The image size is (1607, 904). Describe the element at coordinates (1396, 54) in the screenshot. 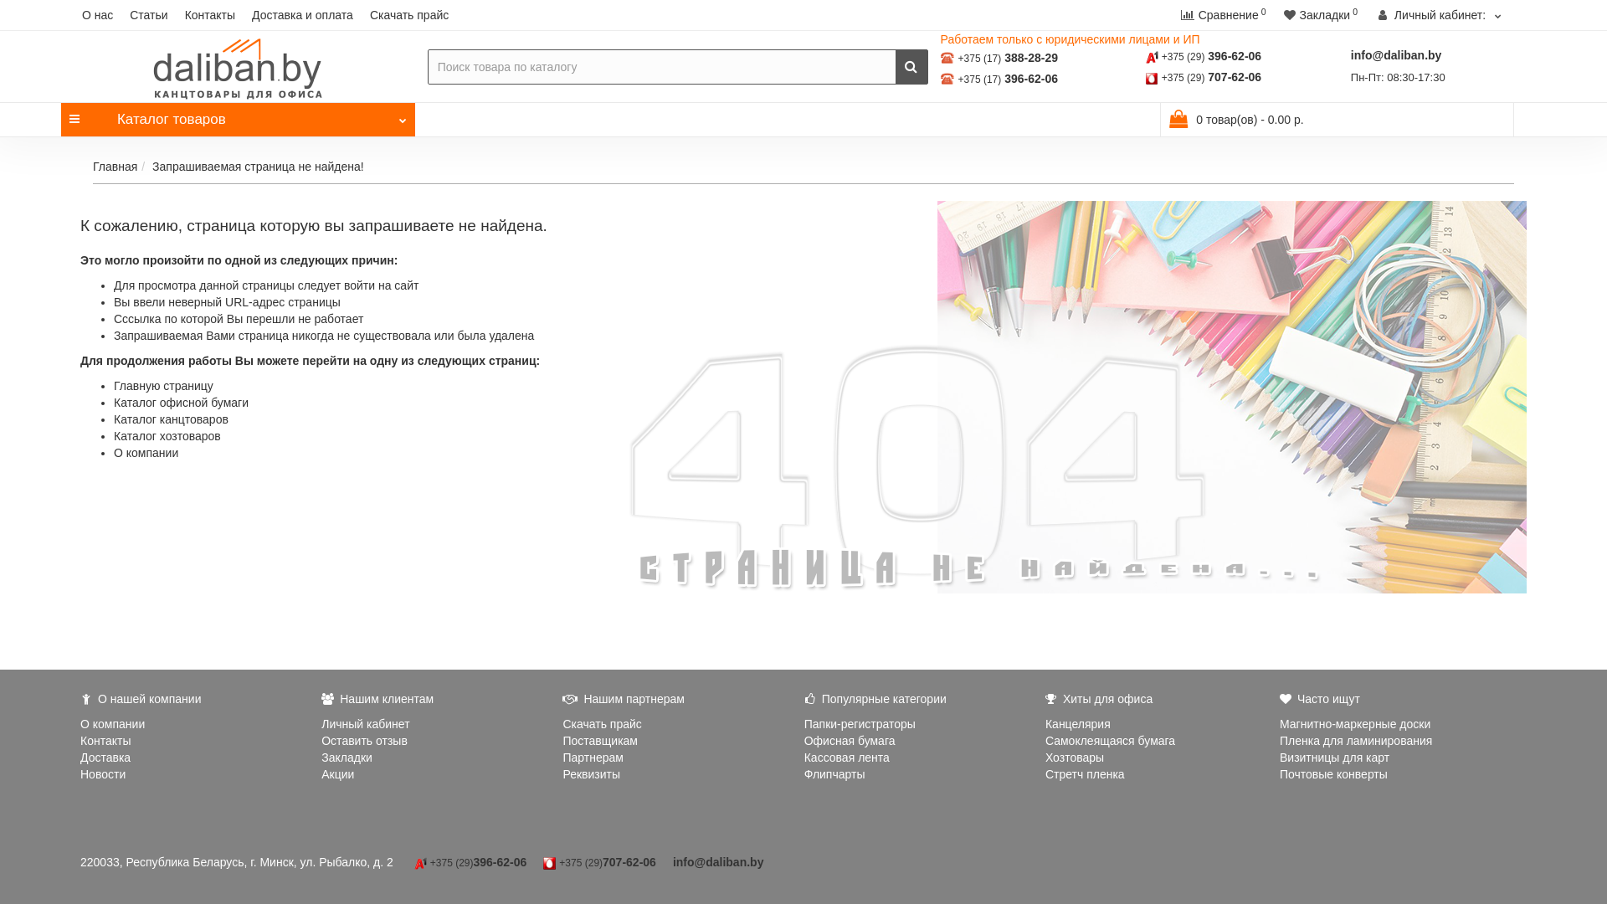

I see `'info@daliban.by'` at that location.